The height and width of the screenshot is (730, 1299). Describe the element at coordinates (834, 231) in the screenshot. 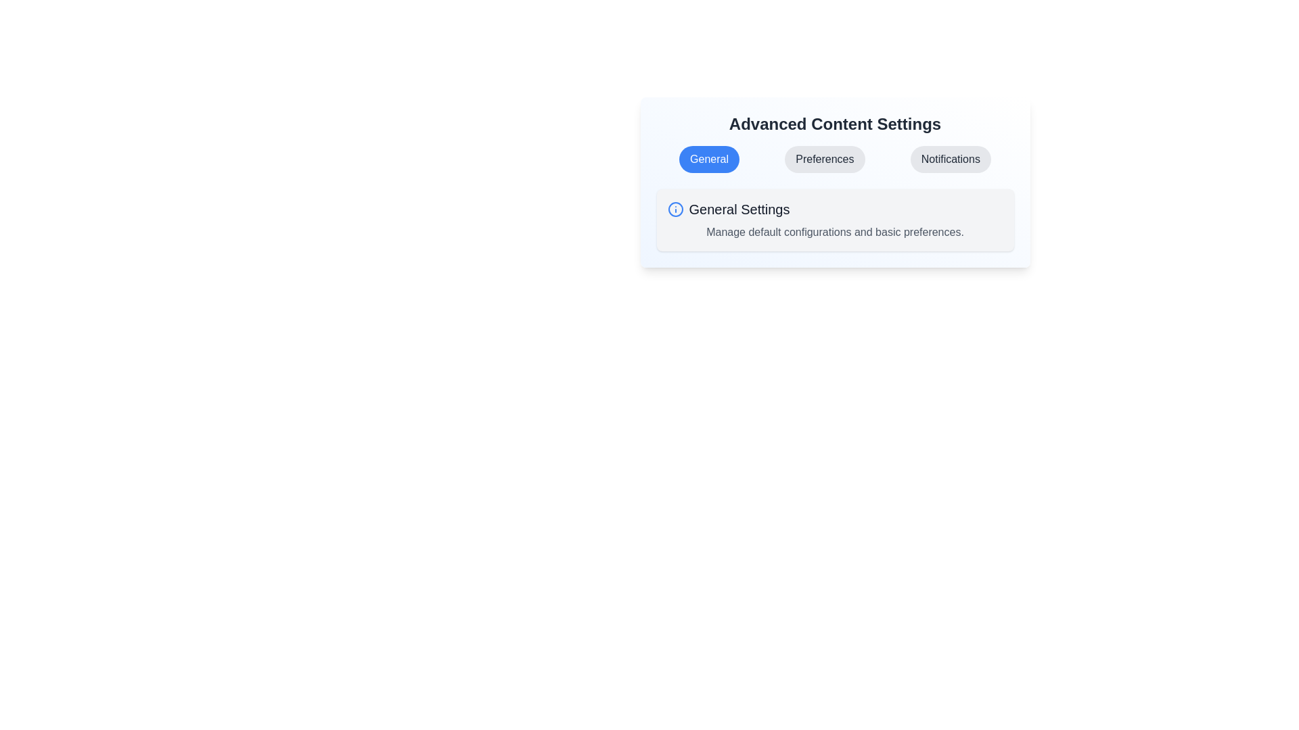

I see `descriptive text element that provides additional information about the 'General Settings' section, located beneath the section's title and icon` at that location.